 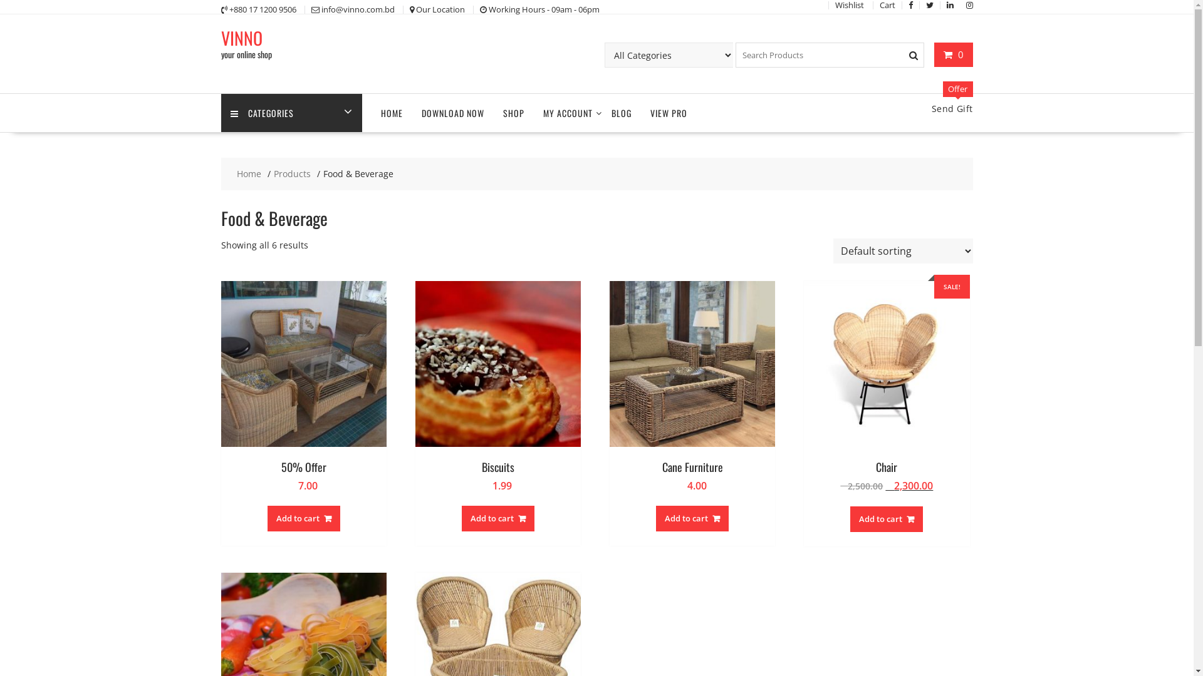 I want to click on 'BLOG', so click(x=620, y=113).